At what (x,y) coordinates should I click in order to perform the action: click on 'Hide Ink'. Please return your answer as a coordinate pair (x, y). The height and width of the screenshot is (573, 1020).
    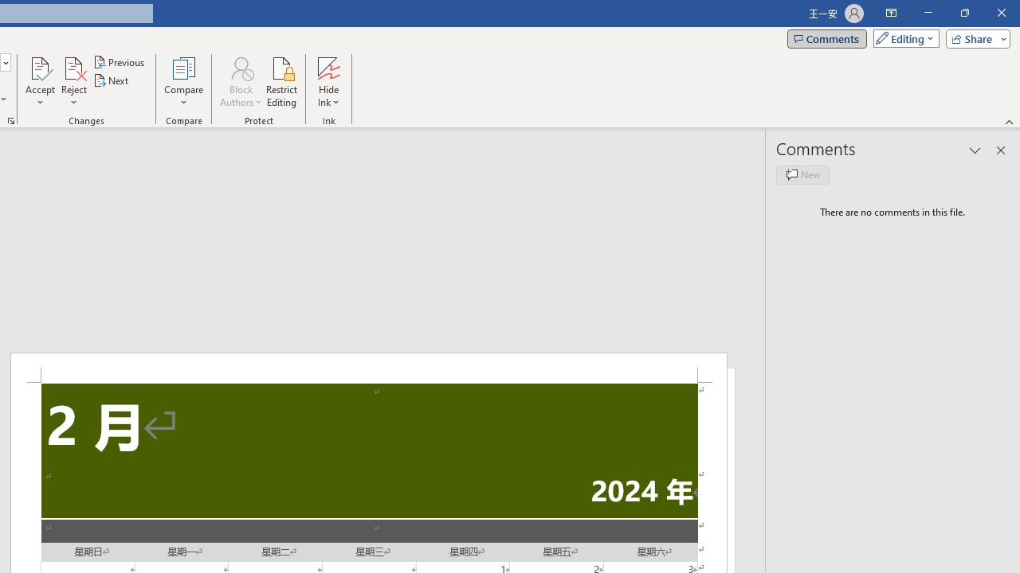
    Looking at the image, I should click on (328, 67).